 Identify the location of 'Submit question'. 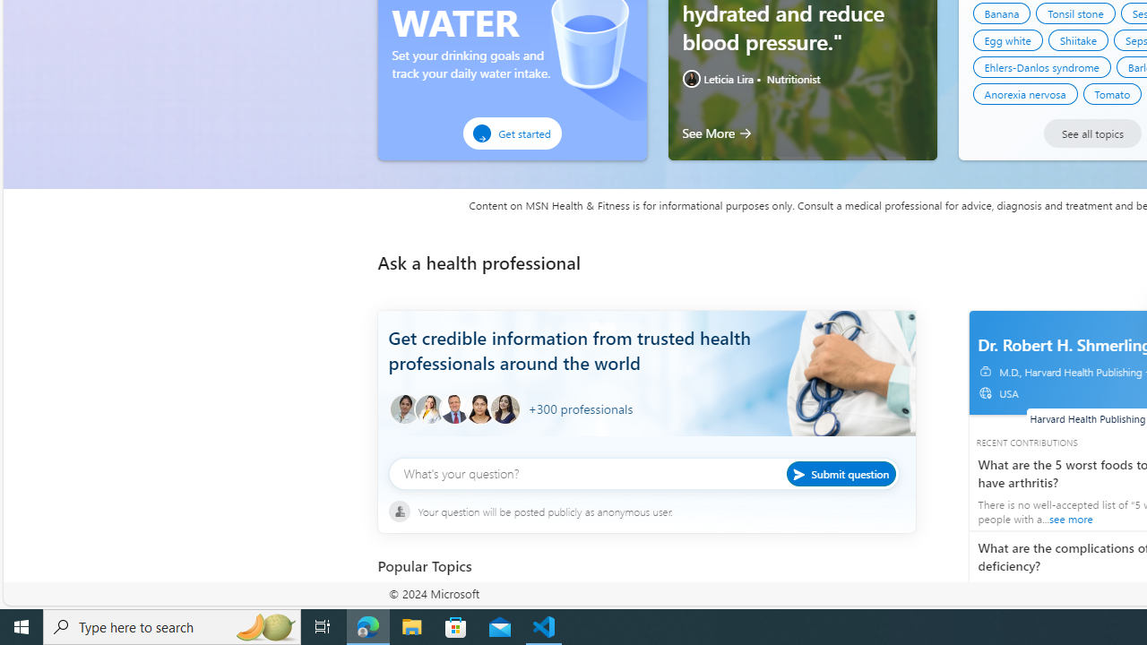
(840, 472).